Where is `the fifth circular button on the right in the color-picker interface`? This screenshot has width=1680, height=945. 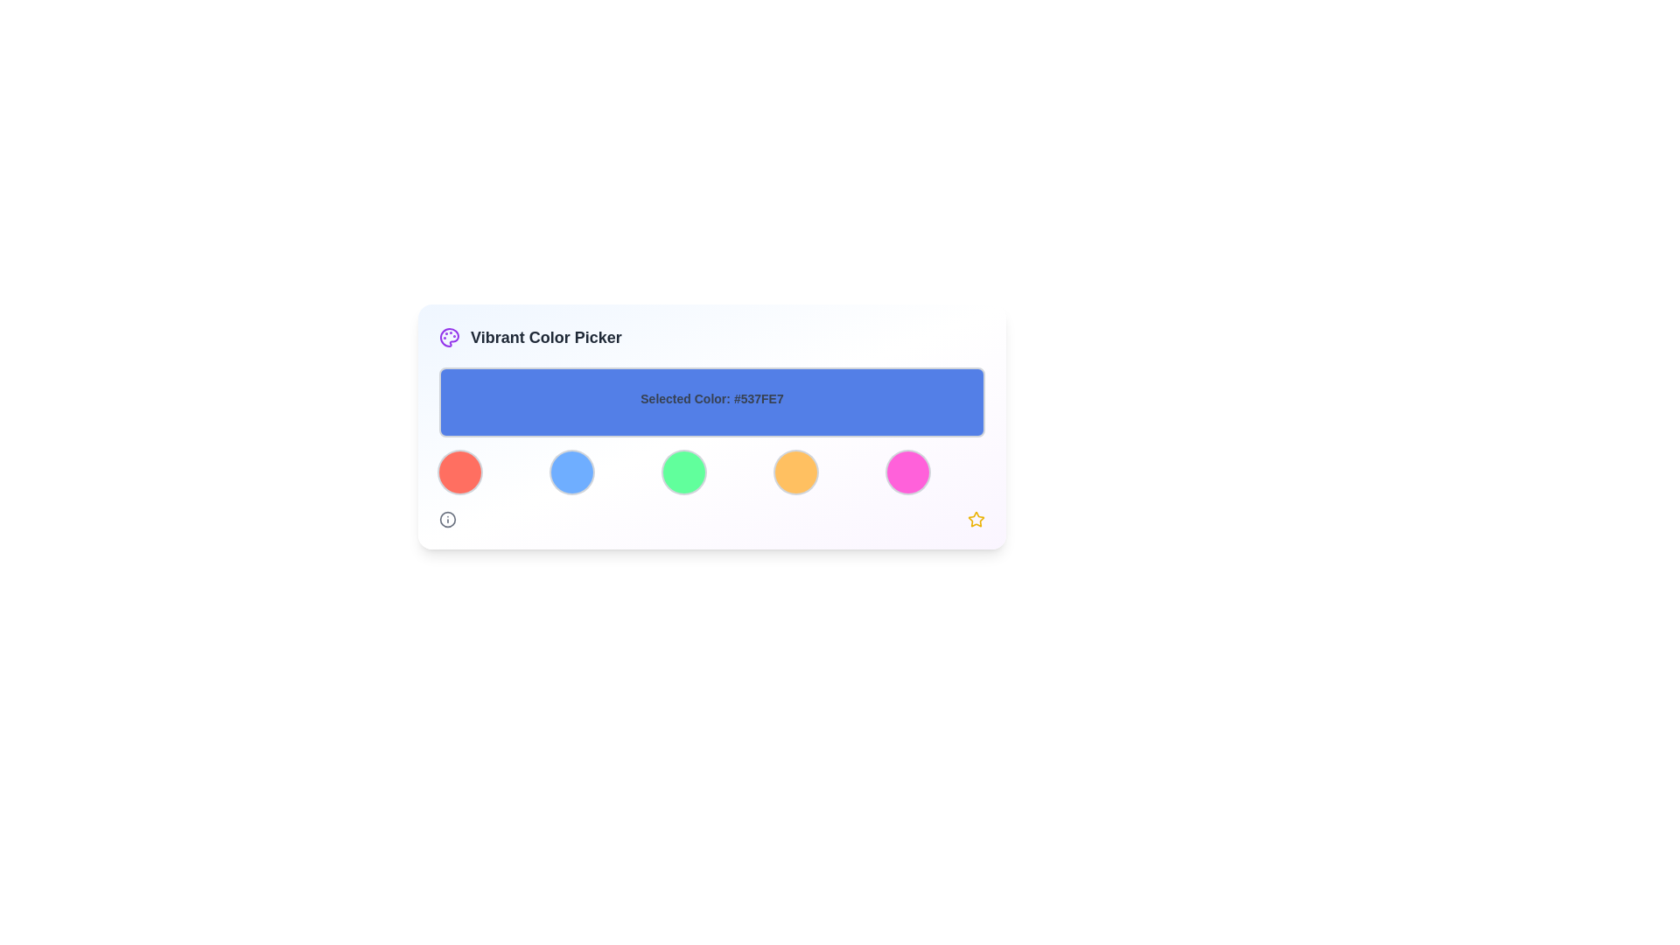
the fifth circular button on the right in the color-picker interface is located at coordinates (907, 472).